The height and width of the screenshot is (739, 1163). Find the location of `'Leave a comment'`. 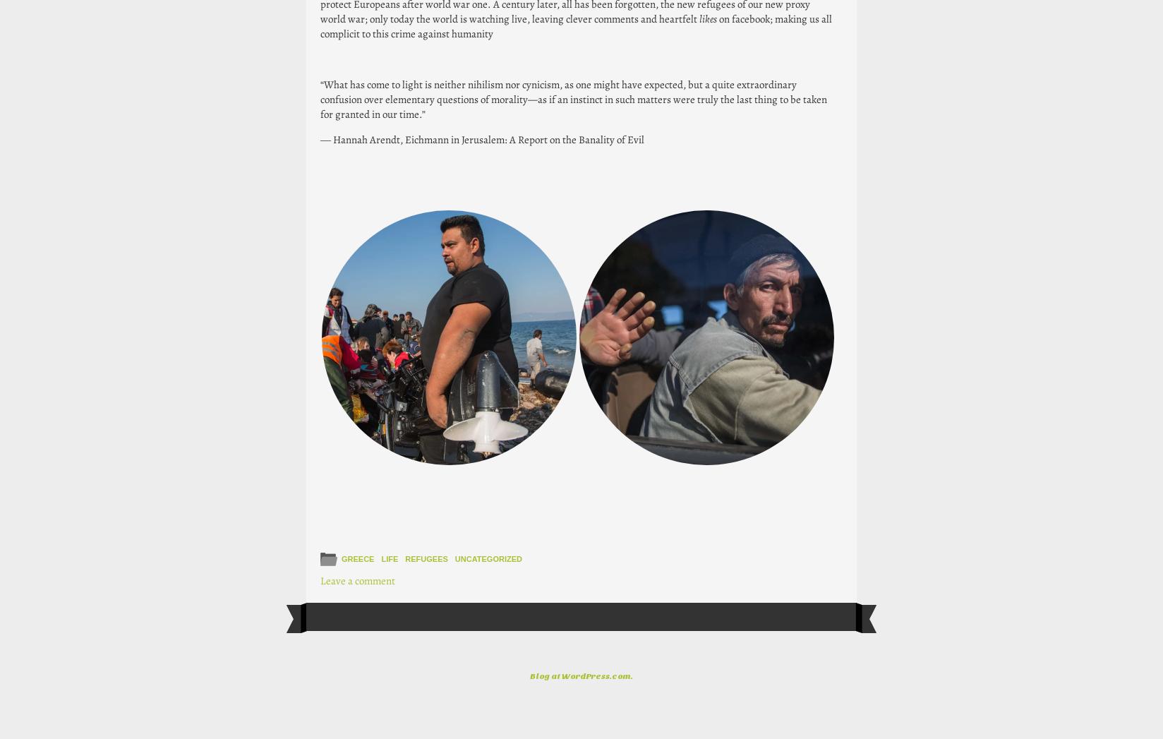

'Leave a comment' is located at coordinates (320, 579).